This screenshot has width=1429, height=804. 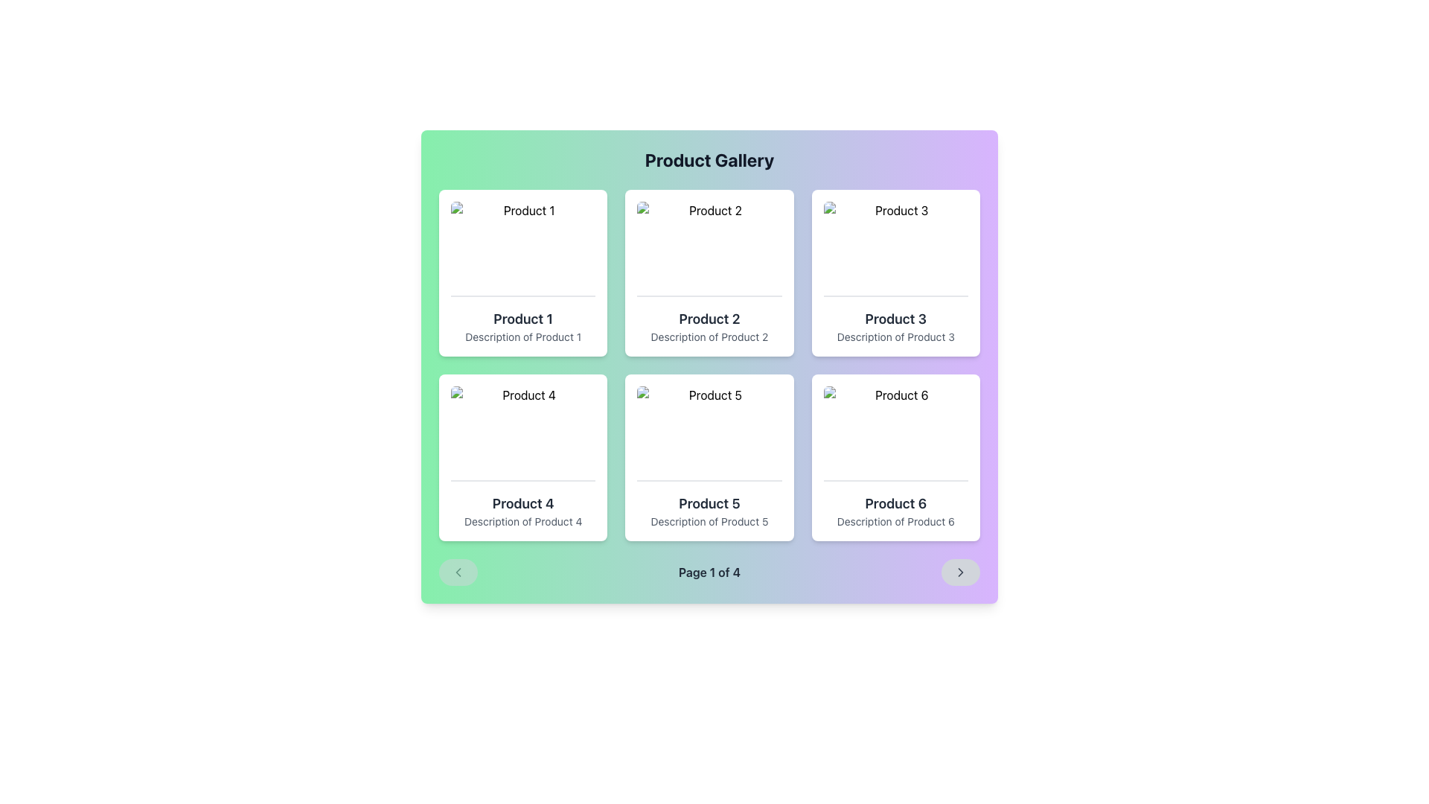 What do you see at coordinates (523, 249) in the screenshot?
I see `the image thumbnail representing 'Product 1' to zoom in` at bounding box center [523, 249].